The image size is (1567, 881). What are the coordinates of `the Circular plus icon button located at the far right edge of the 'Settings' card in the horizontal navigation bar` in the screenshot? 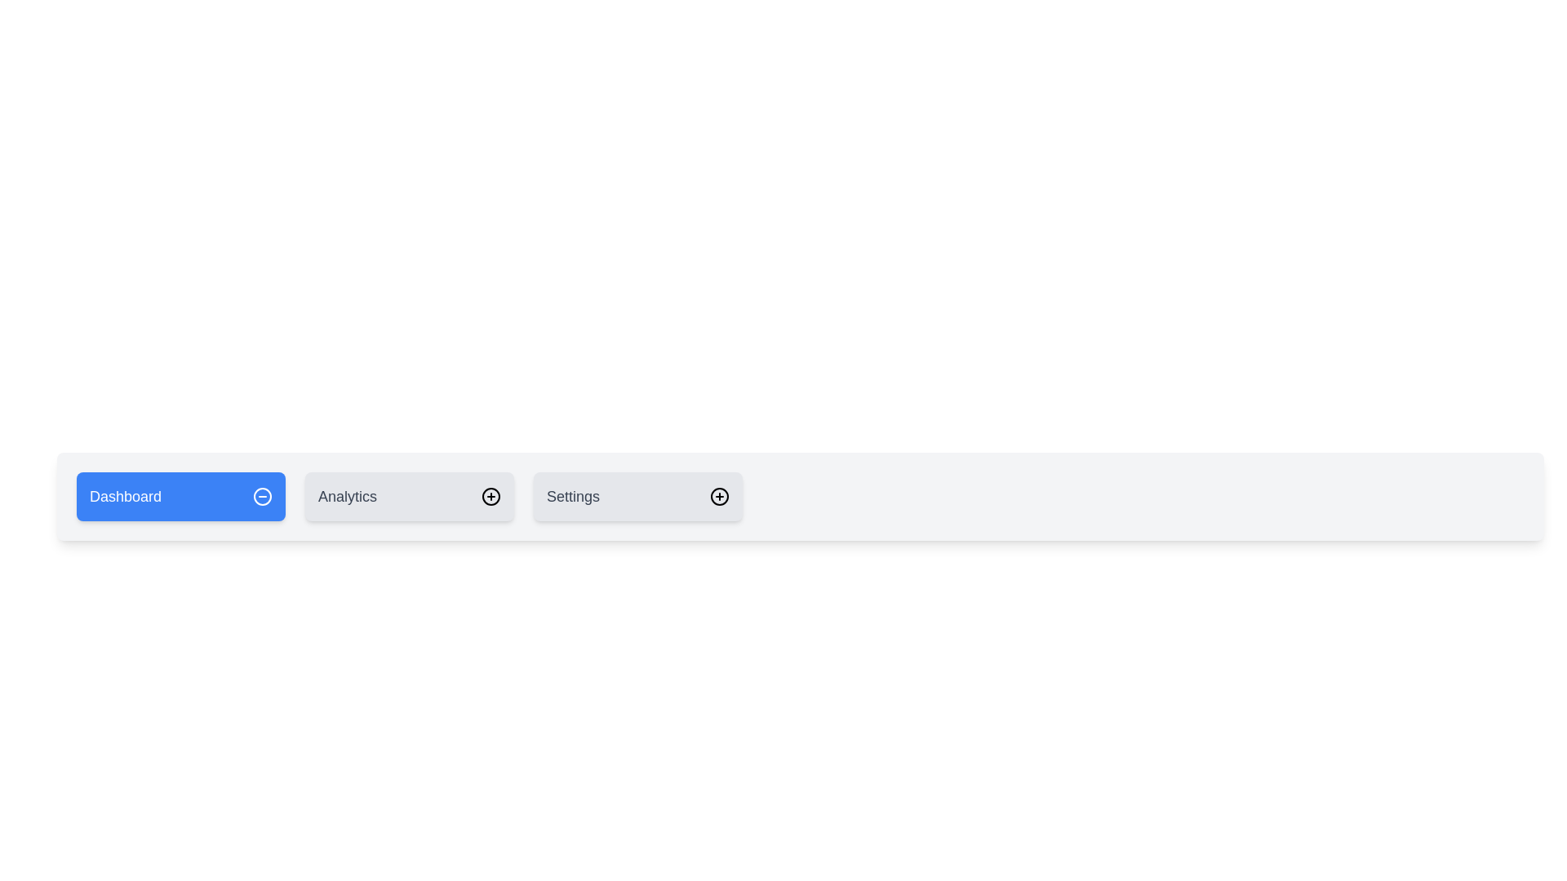 It's located at (719, 496).